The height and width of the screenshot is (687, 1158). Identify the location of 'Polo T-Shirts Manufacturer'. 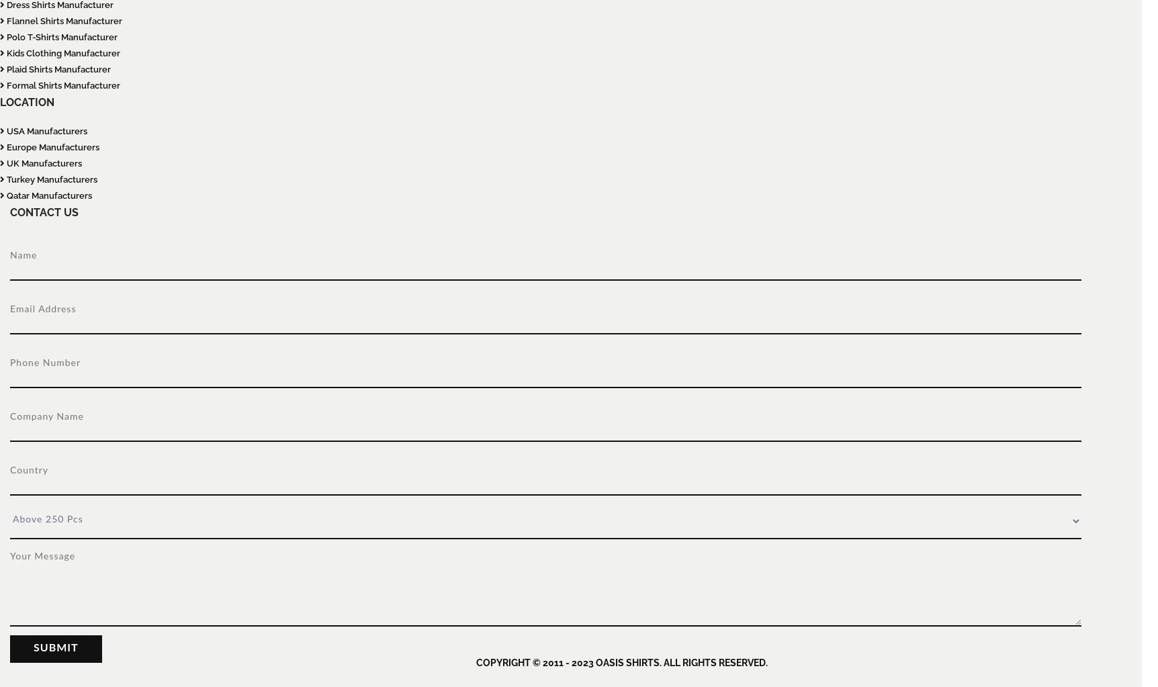
(60, 36).